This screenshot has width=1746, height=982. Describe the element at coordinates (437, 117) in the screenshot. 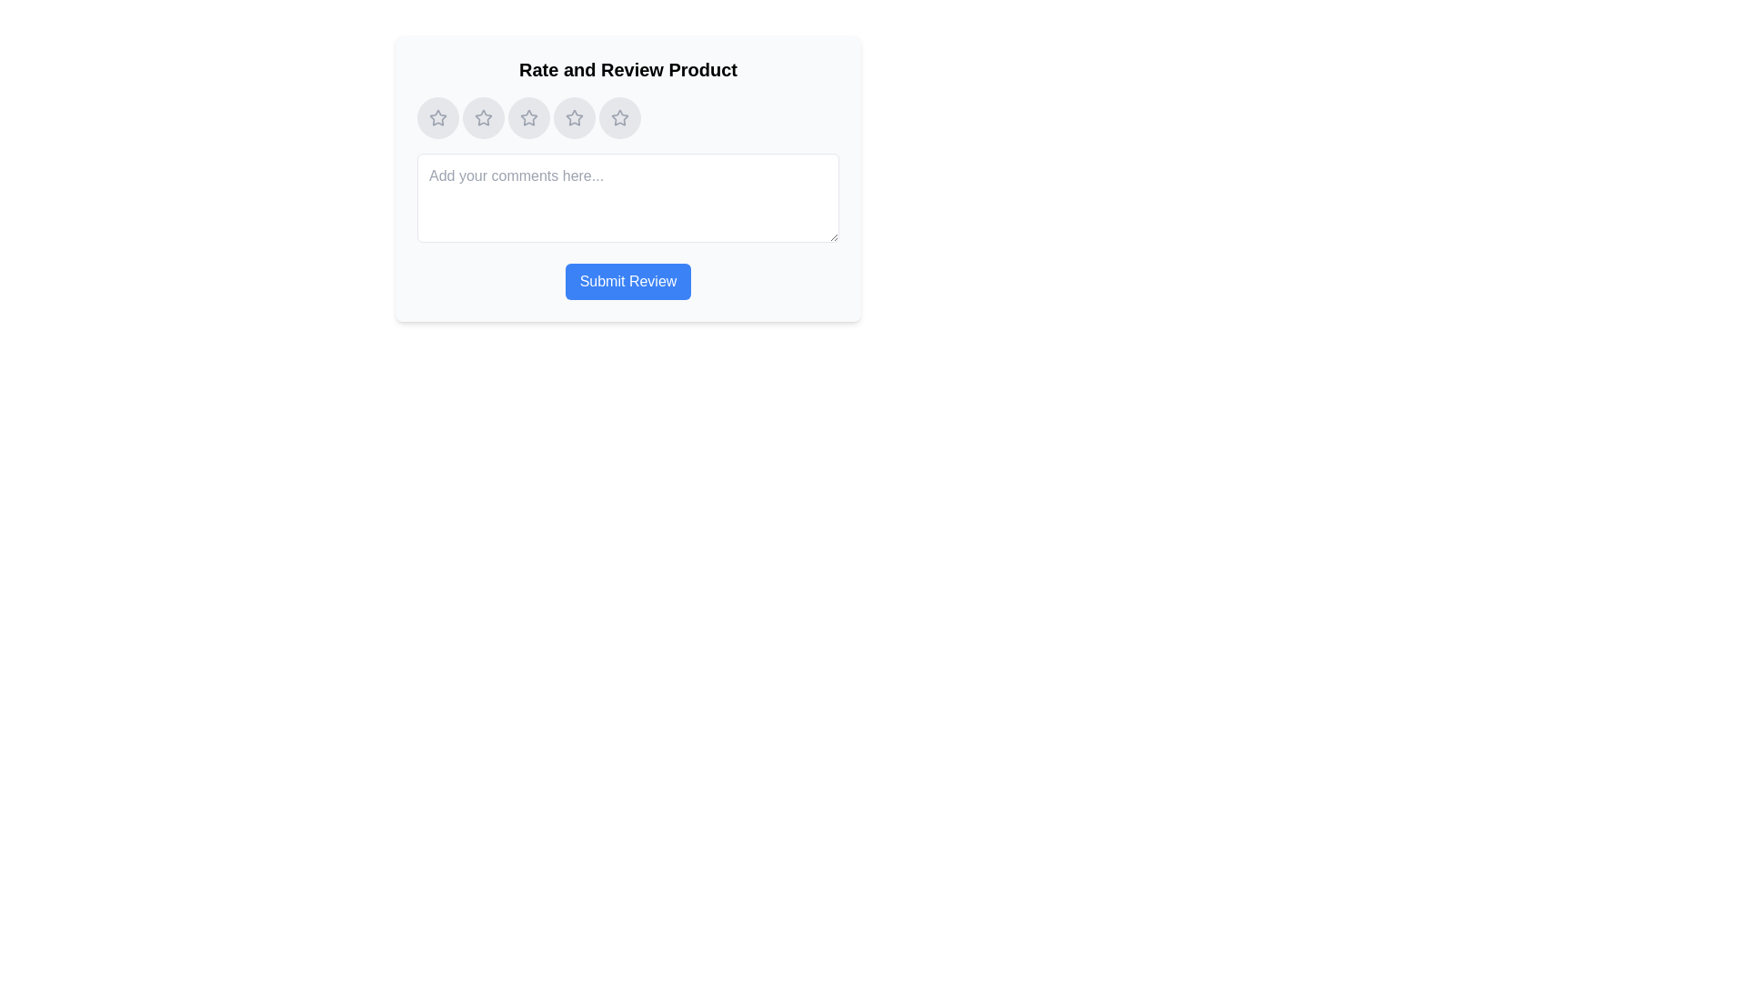

I see `the first star-shaped icon in the horizontal row of rating stars` at that location.